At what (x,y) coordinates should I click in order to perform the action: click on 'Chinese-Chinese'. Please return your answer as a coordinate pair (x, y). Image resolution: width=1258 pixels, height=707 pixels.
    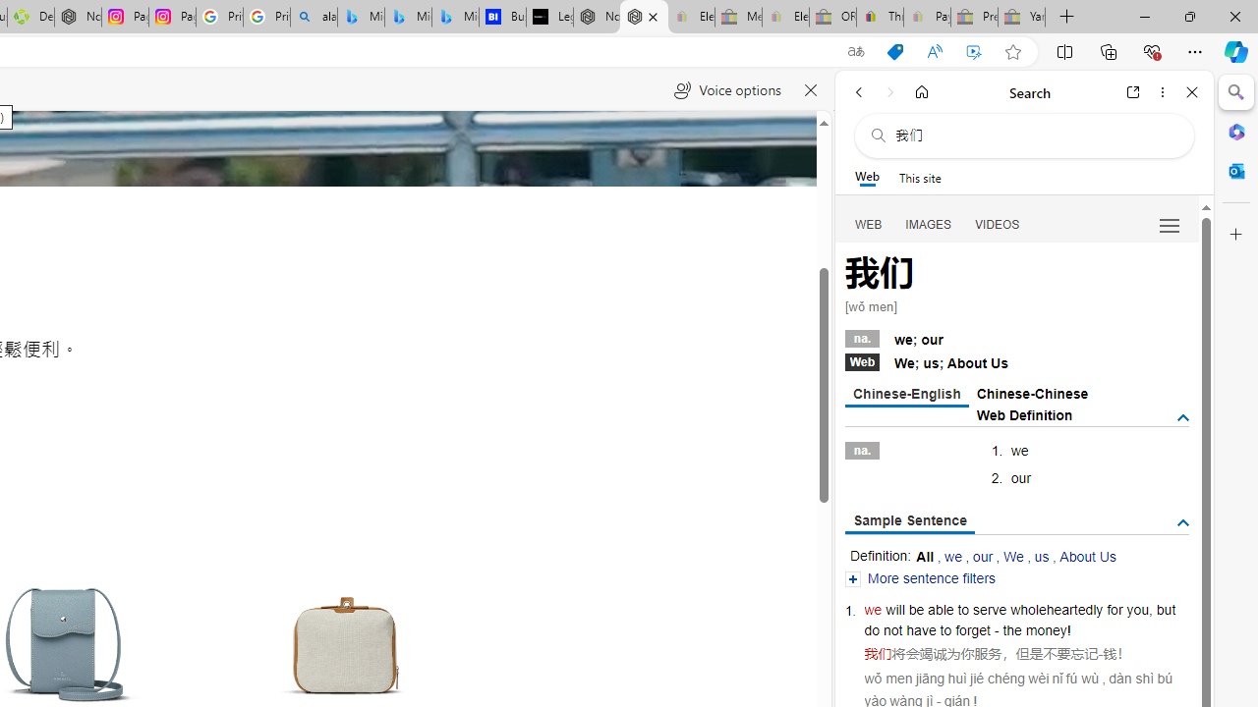
    Looking at the image, I should click on (1031, 394).